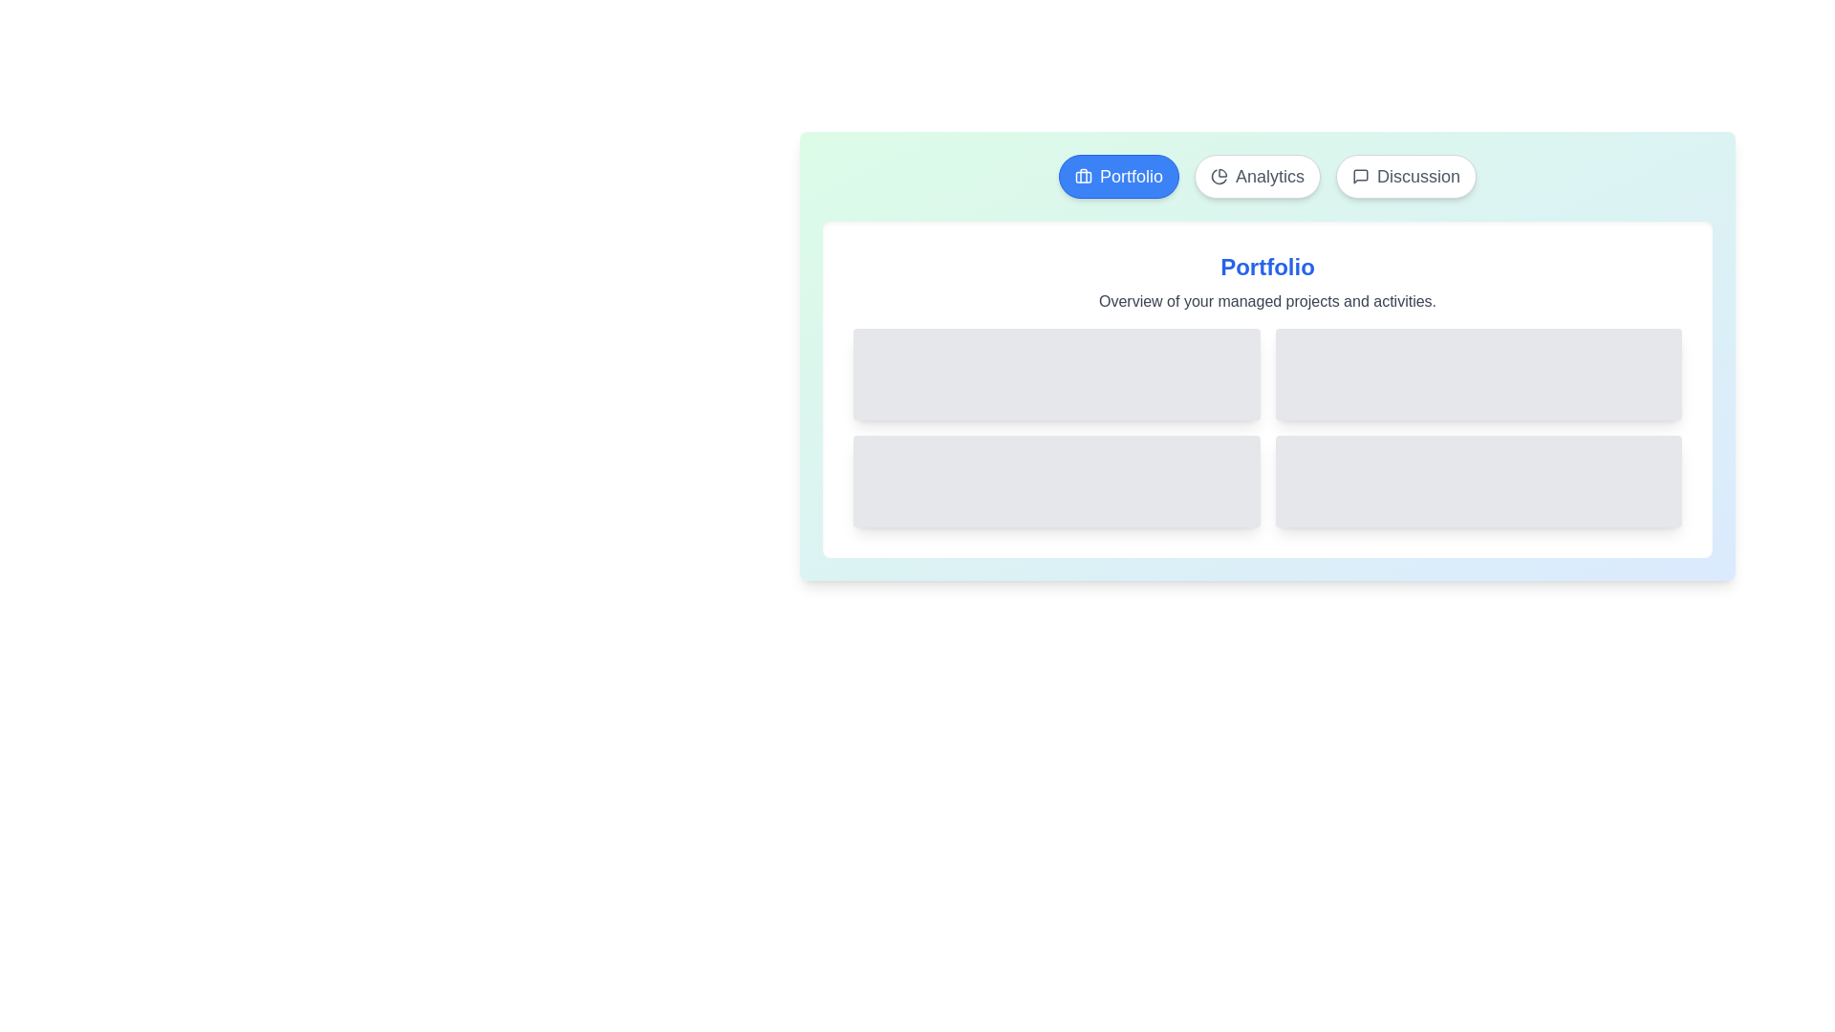 This screenshot has width=1835, height=1032. Describe the element at coordinates (1119, 177) in the screenshot. I see `the Portfolio tab to observe its hover effect` at that location.